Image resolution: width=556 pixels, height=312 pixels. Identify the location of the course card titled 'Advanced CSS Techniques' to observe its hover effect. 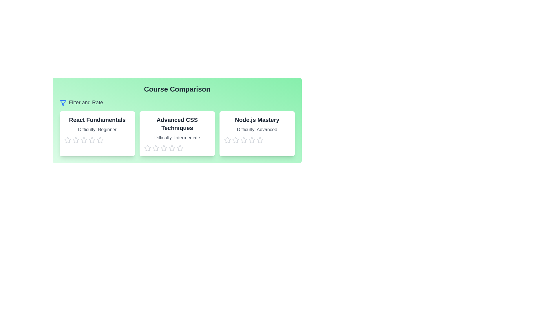
(177, 133).